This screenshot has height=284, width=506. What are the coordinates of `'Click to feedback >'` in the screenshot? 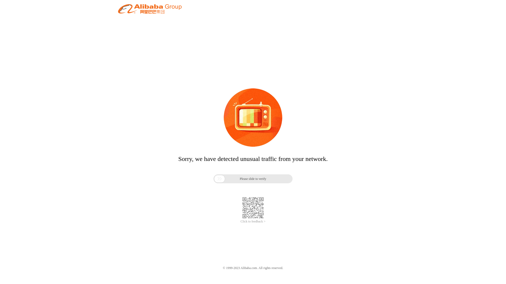 It's located at (240, 221).